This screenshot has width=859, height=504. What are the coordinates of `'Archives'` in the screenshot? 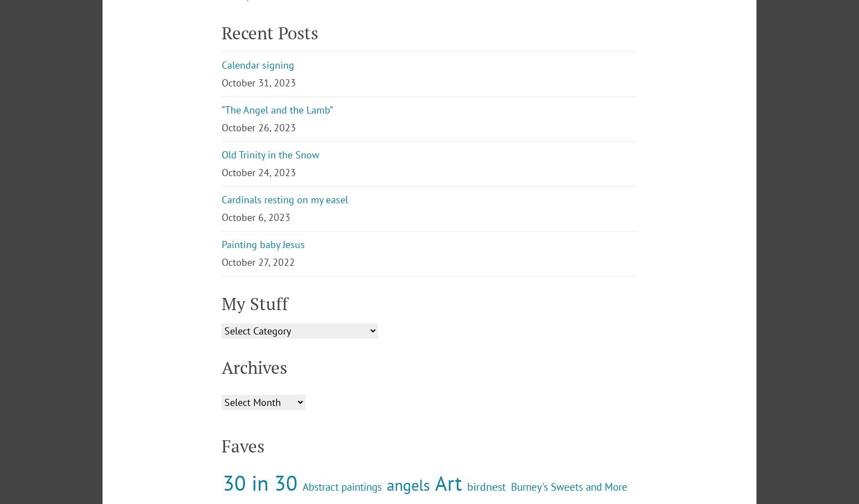 It's located at (222, 458).